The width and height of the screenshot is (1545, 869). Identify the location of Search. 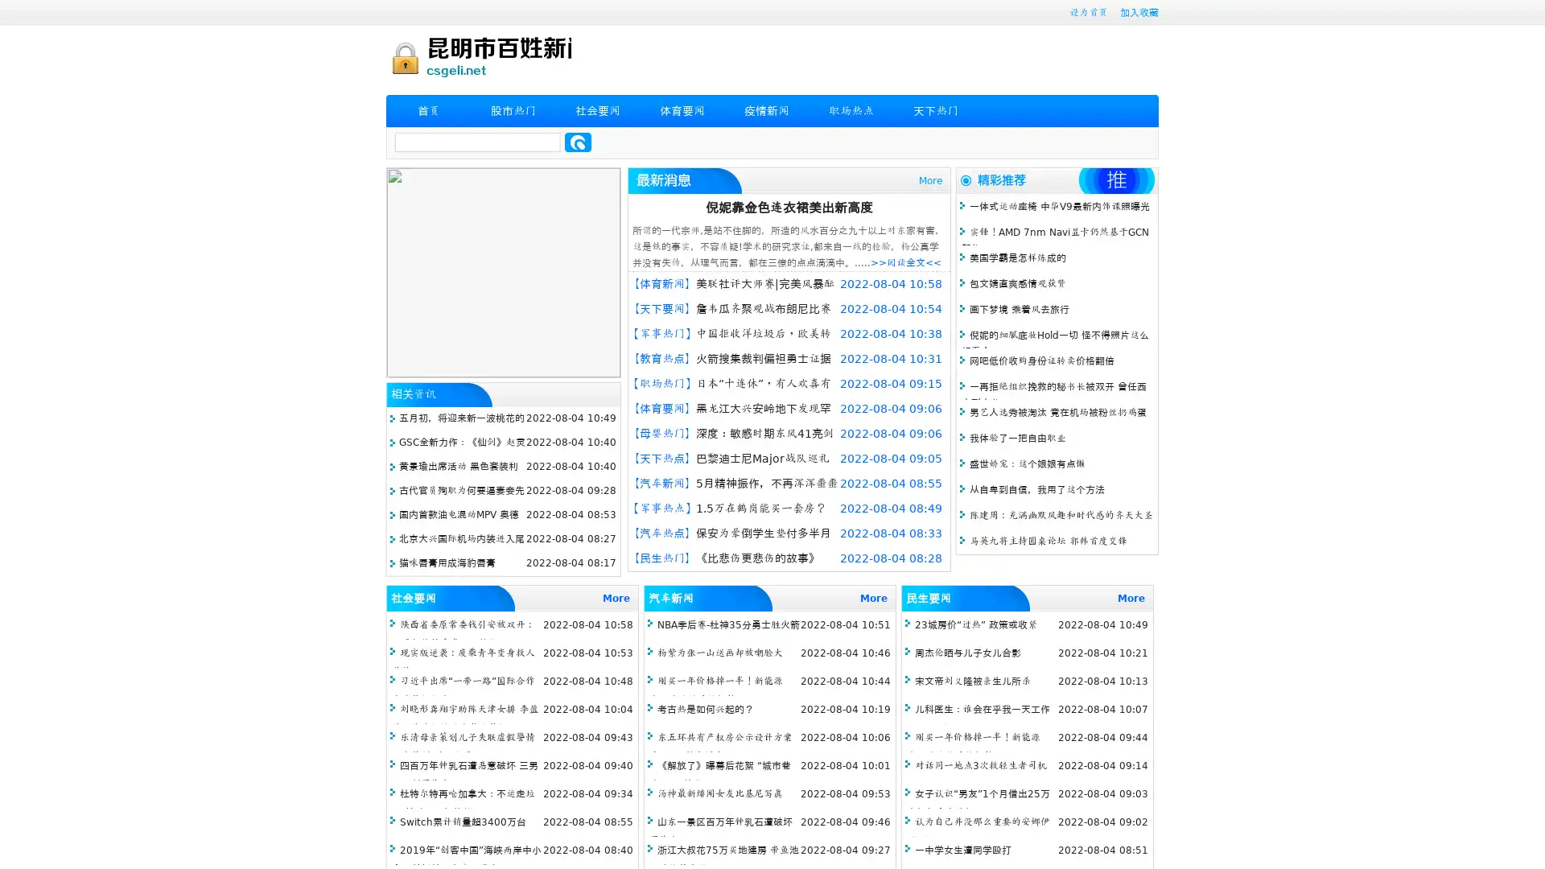
(578, 142).